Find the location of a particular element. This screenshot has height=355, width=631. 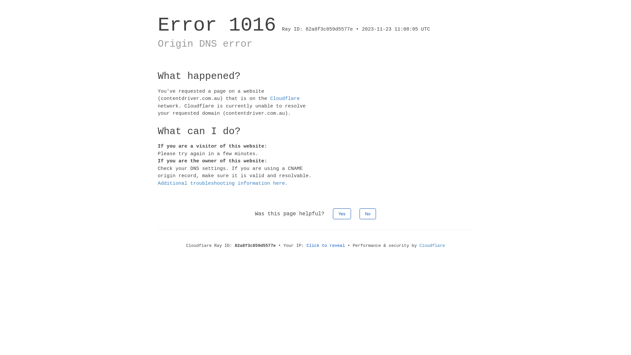

'Additional troubleshooting information here.' is located at coordinates (222, 183).